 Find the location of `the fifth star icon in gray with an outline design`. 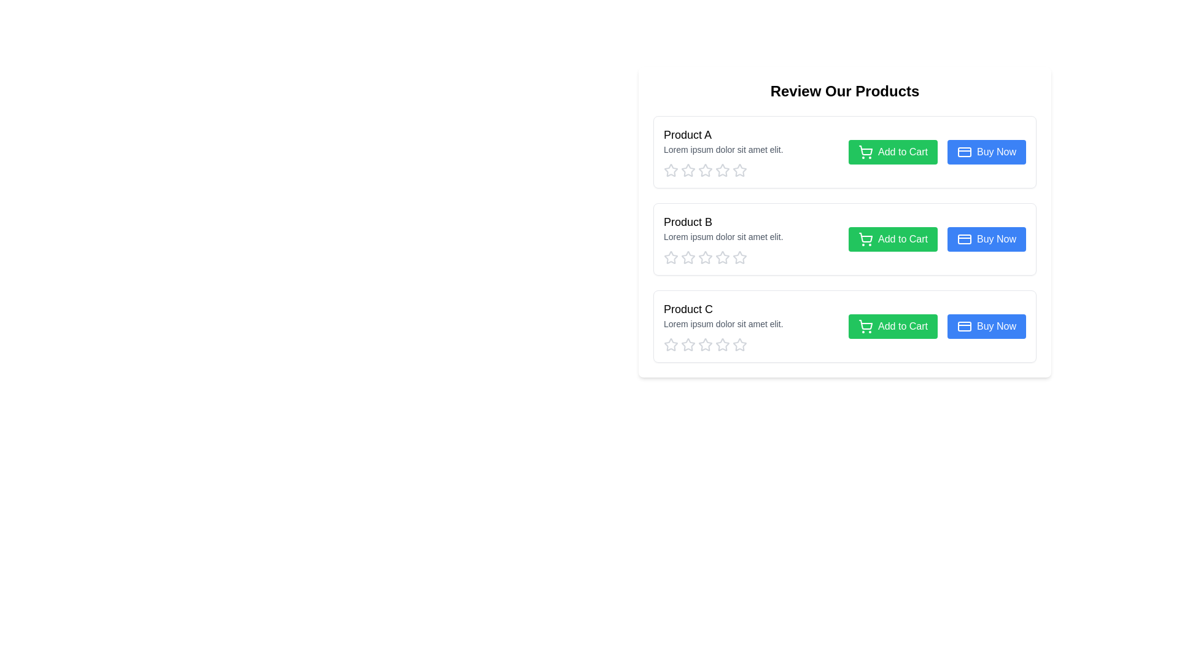

the fifth star icon in gray with an outline design is located at coordinates (739, 257).